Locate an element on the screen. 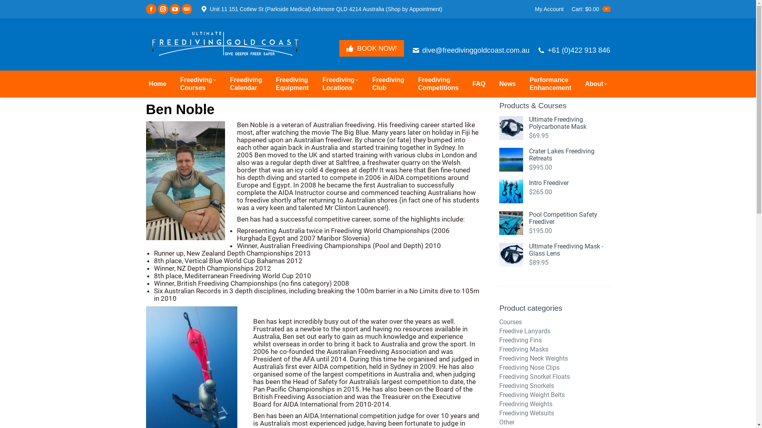 The height and width of the screenshot is (428, 762). 'YouTube page opens in new window' is located at coordinates (175, 9).